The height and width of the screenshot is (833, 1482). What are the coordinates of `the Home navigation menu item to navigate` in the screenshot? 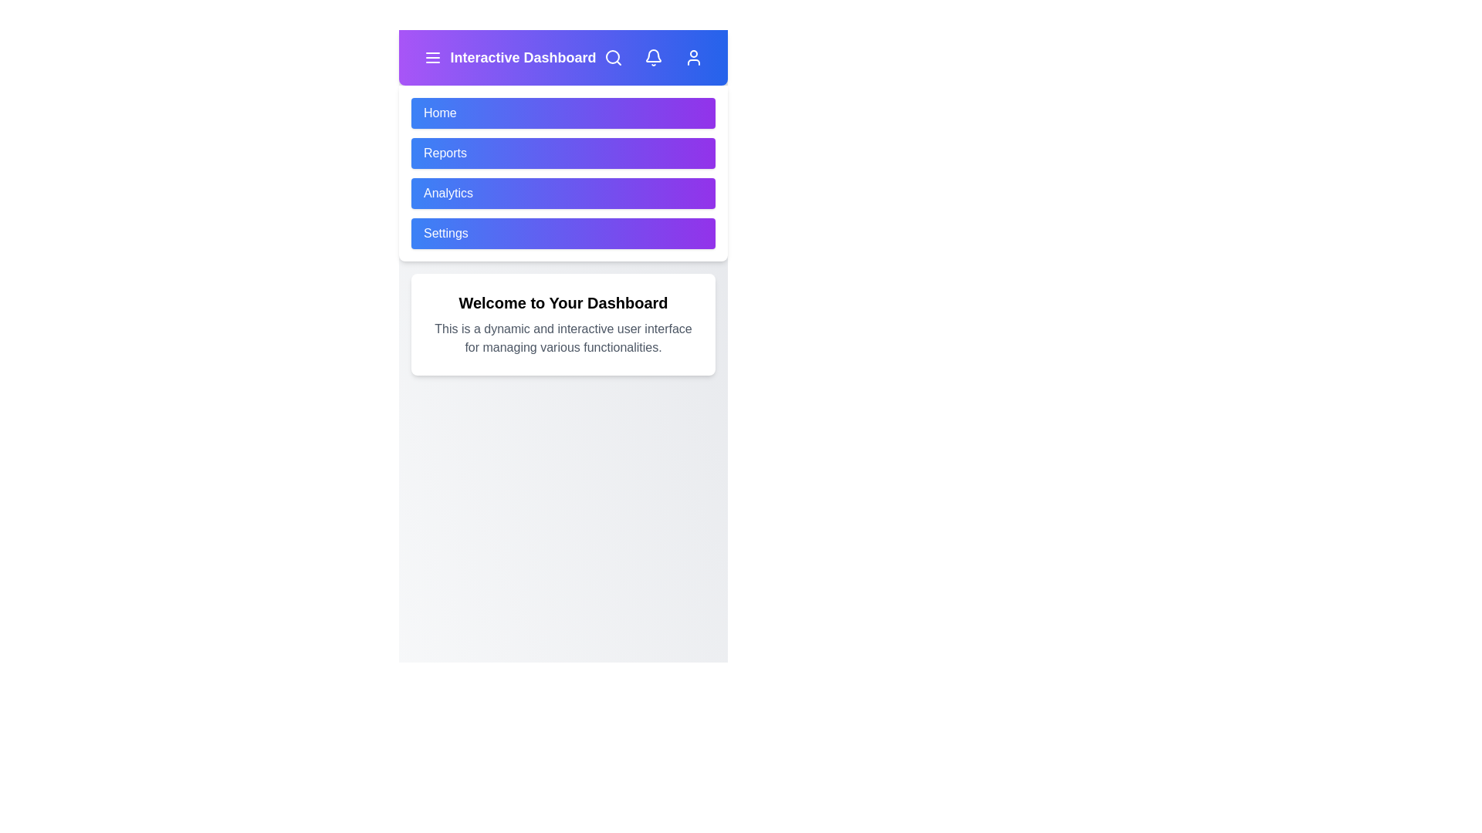 It's located at (562, 112).